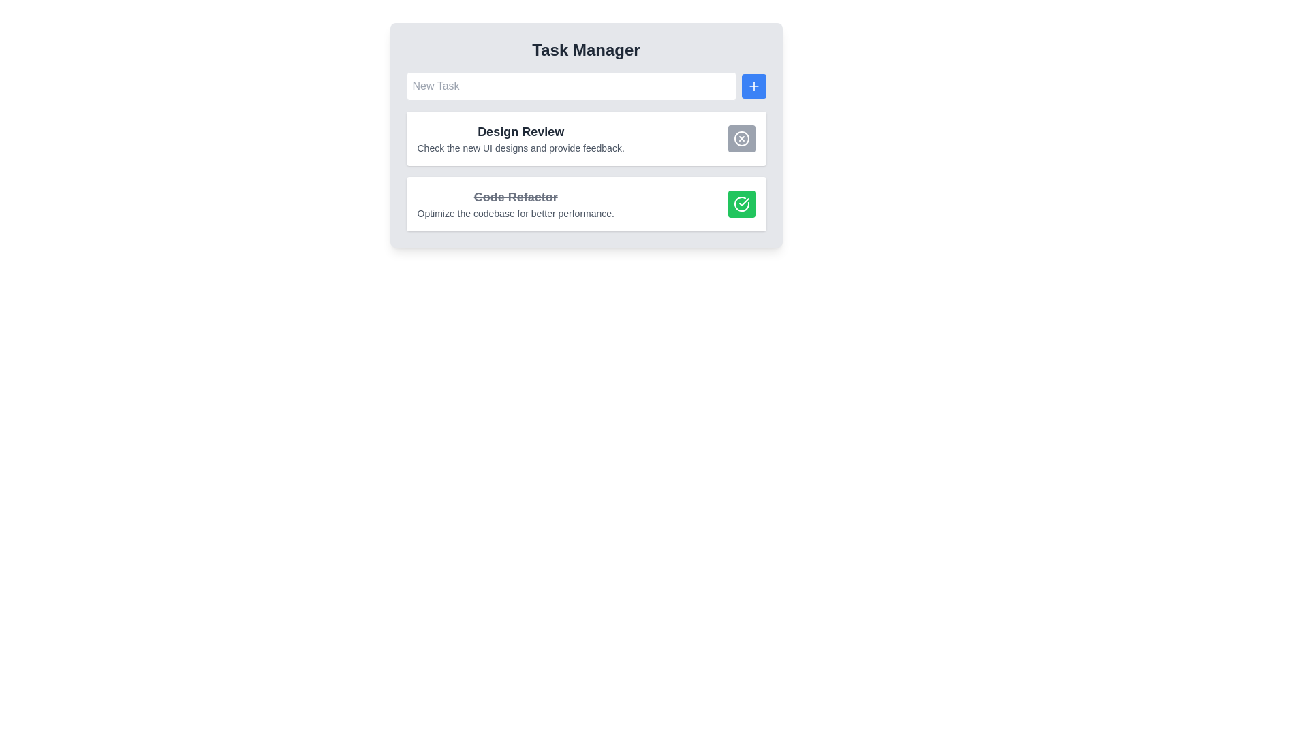 The image size is (1308, 735). What do you see at coordinates (753, 86) in the screenshot?
I see `the blue button with a white plus icon, located at the far right of the horizontal section adjacent to the text input field` at bounding box center [753, 86].